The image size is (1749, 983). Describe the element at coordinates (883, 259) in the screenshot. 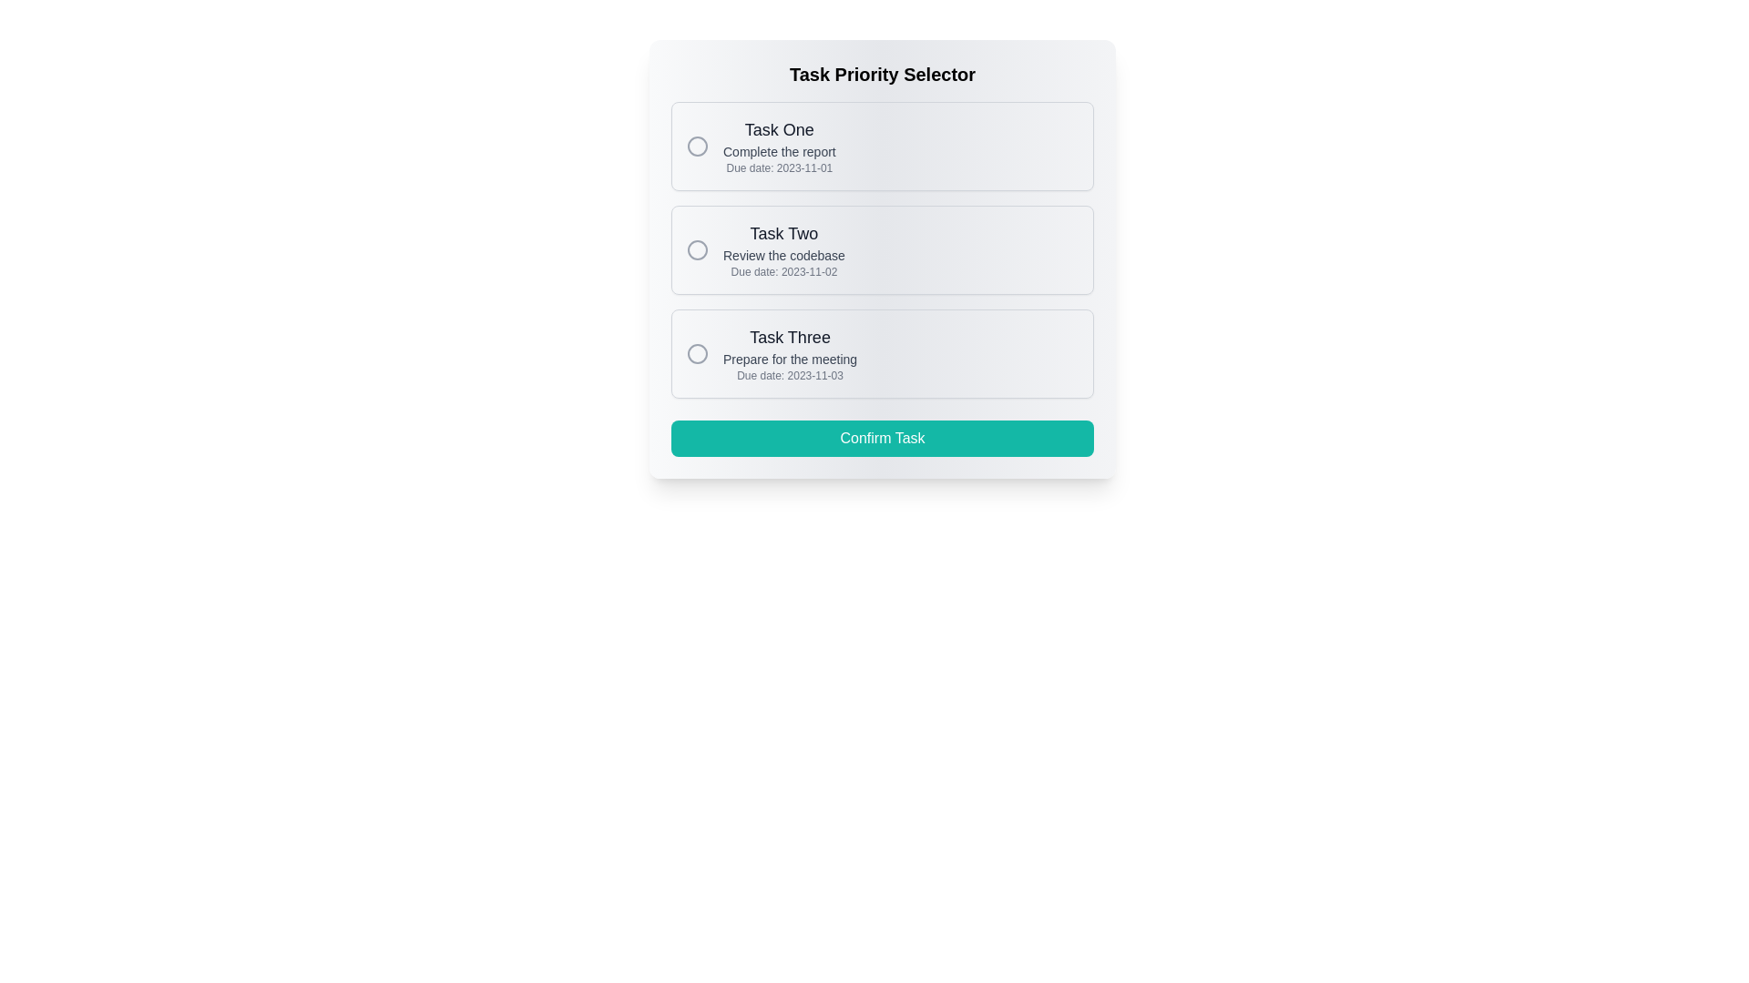

I see `the task item representing the second task card in the 'Task Priority Selector'` at that location.